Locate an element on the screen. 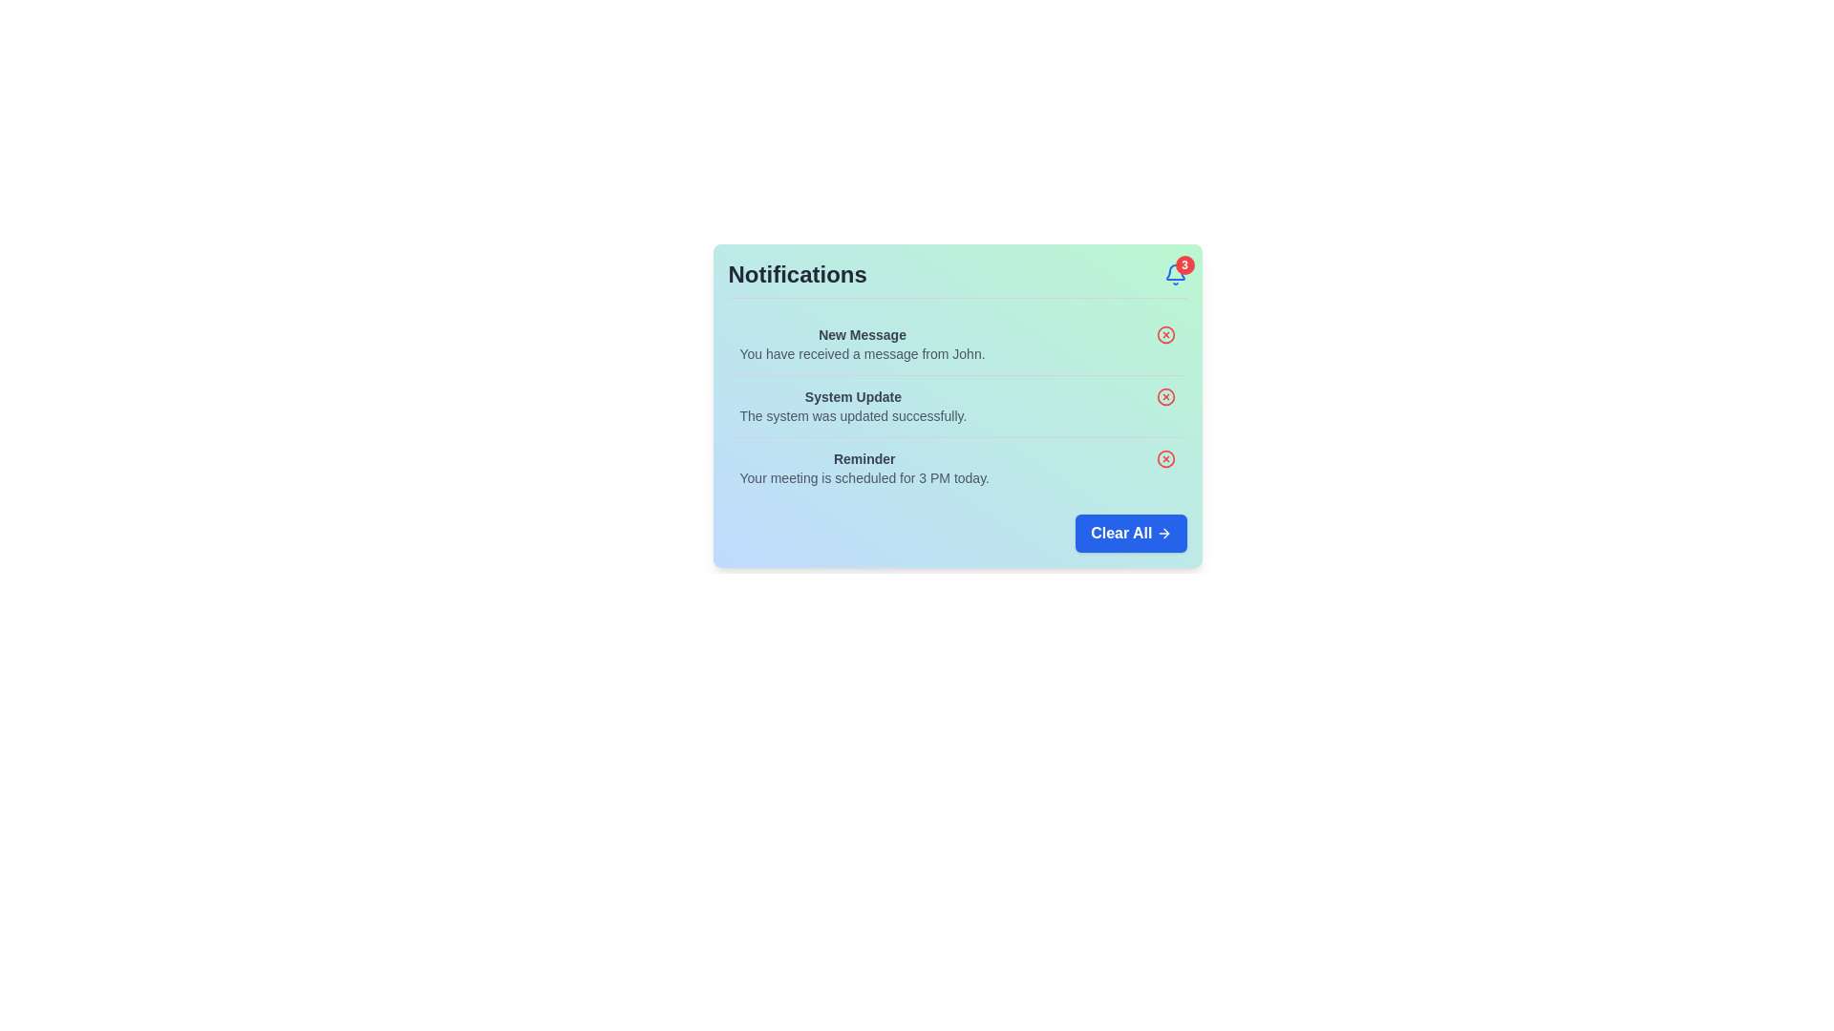  the second notification entry in the gradient-styled notification panel that displays 'System Update' and 'The system was updated successfully.' is located at coordinates (957, 405).